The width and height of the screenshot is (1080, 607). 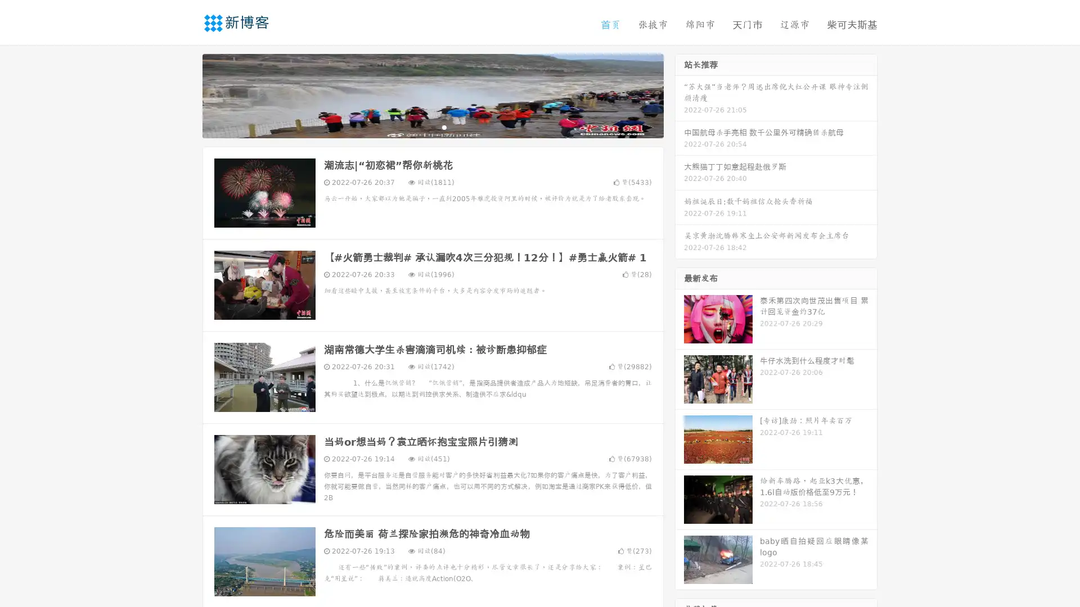 I want to click on Go to slide 1, so click(x=421, y=126).